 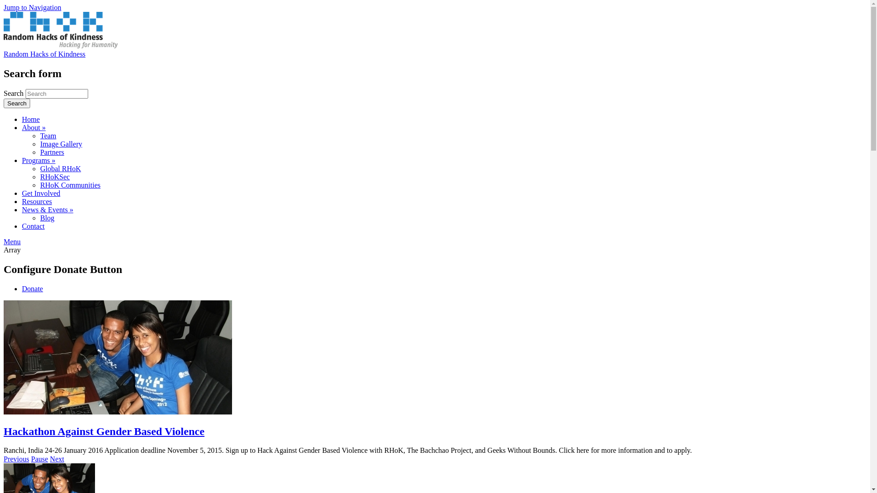 What do you see at coordinates (39, 144) in the screenshot?
I see `'Image Gallery'` at bounding box center [39, 144].